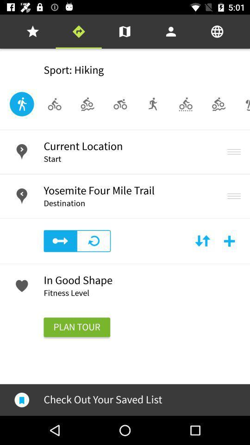 The width and height of the screenshot is (250, 445). What do you see at coordinates (202, 241) in the screenshot?
I see `the swap icon` at bounding box center [202, 241].